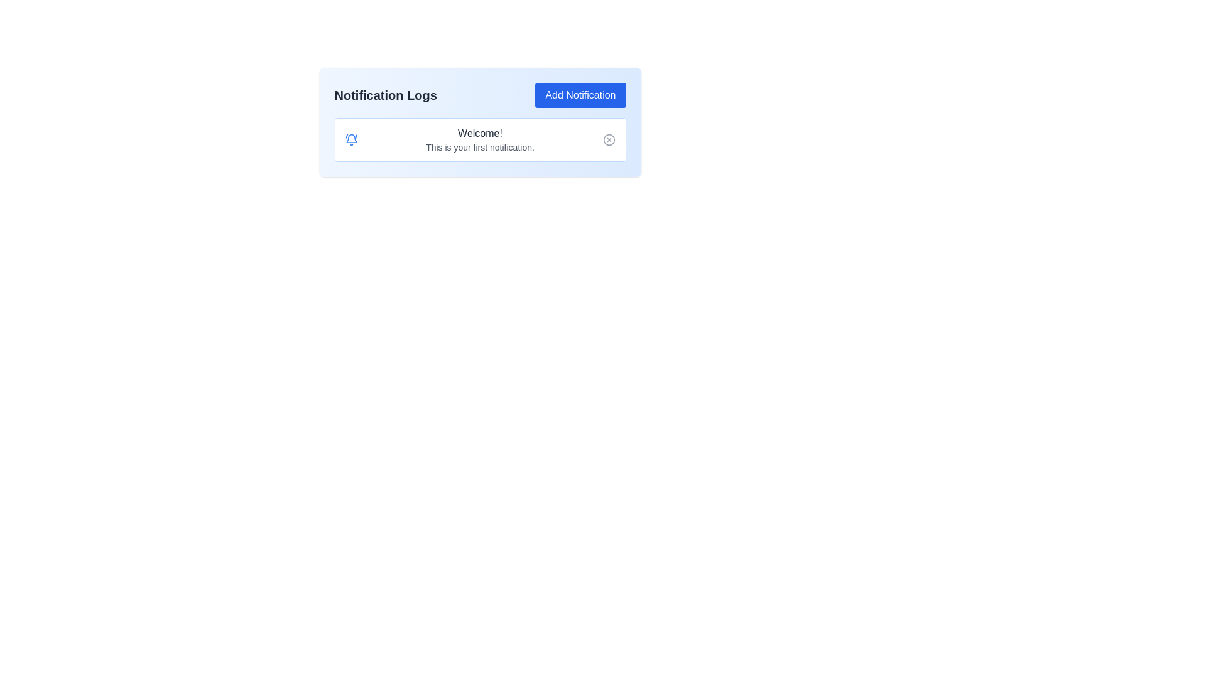 This screenshot has width=1206, height=678. Describe the element at coordinates (385, 94) in the screenshot. I see `the heading text 'Notification Logs', which is styled in a larger font size, bold, and dark color, located in the upper section of the interface, left-aligned next to the 'Add Notification' button` at that location.